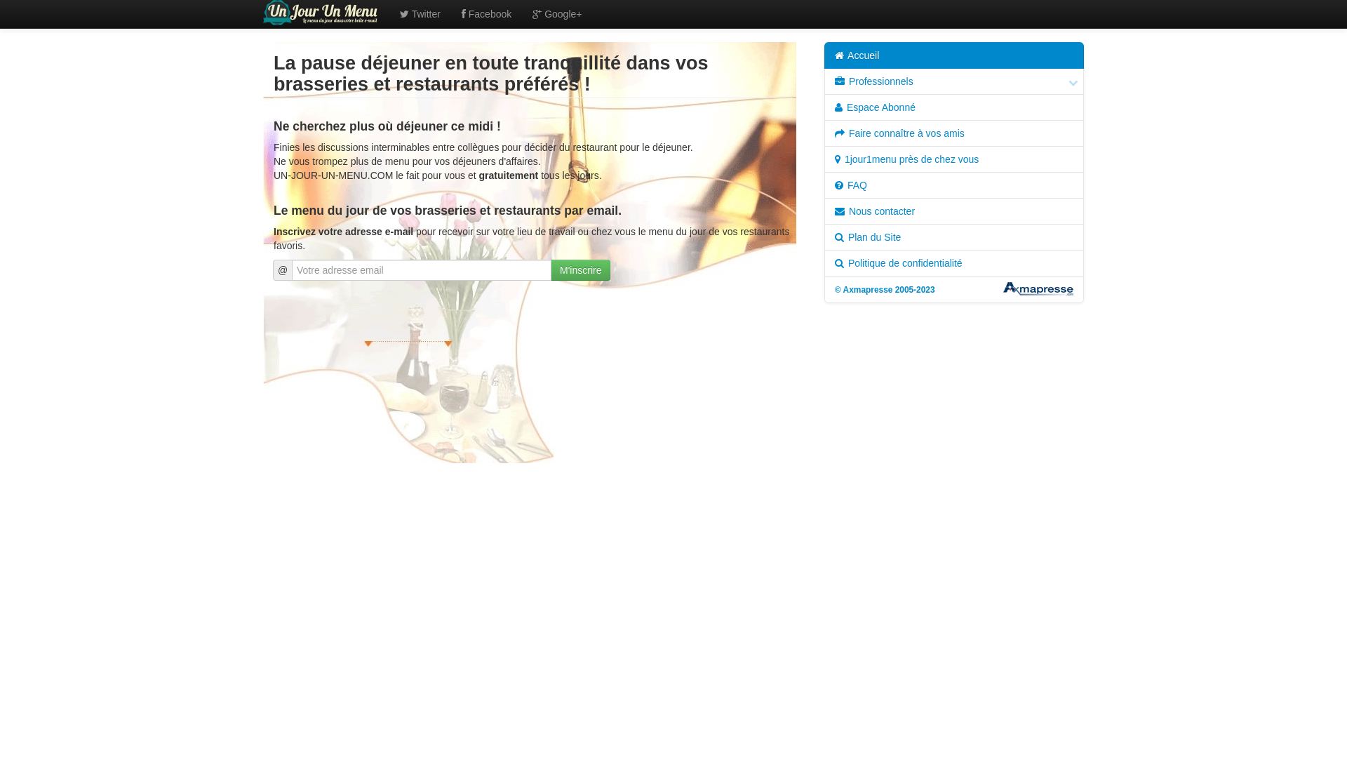  What do you see at coordinates (420, 13) in the screenshot?
I see `'Twitter'` at bounding box center [420, 13].